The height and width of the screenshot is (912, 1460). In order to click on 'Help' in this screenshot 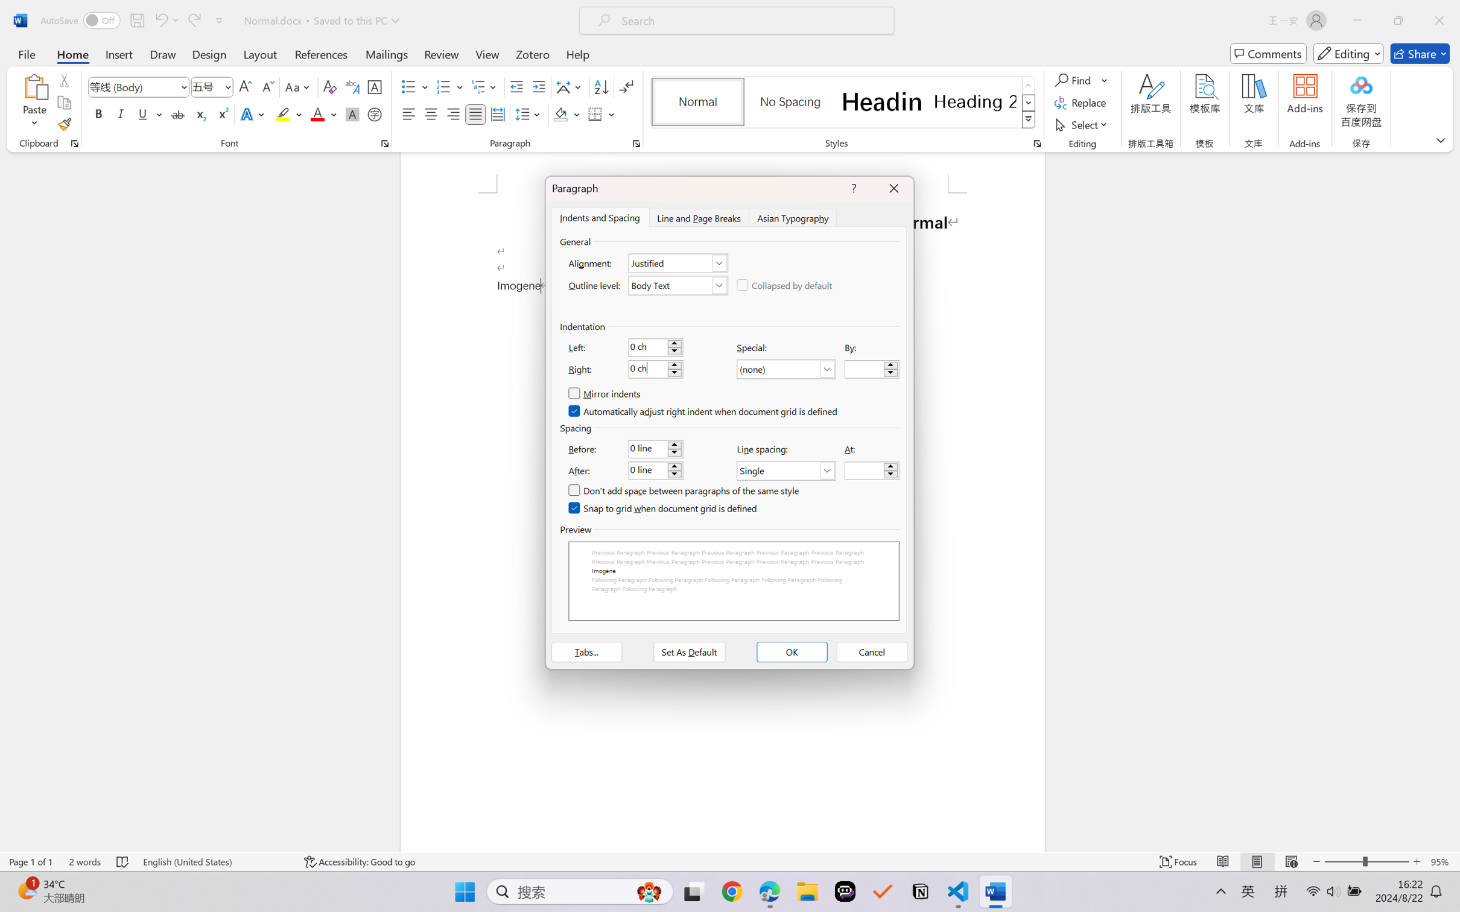, I will do `click(577, 53)`.